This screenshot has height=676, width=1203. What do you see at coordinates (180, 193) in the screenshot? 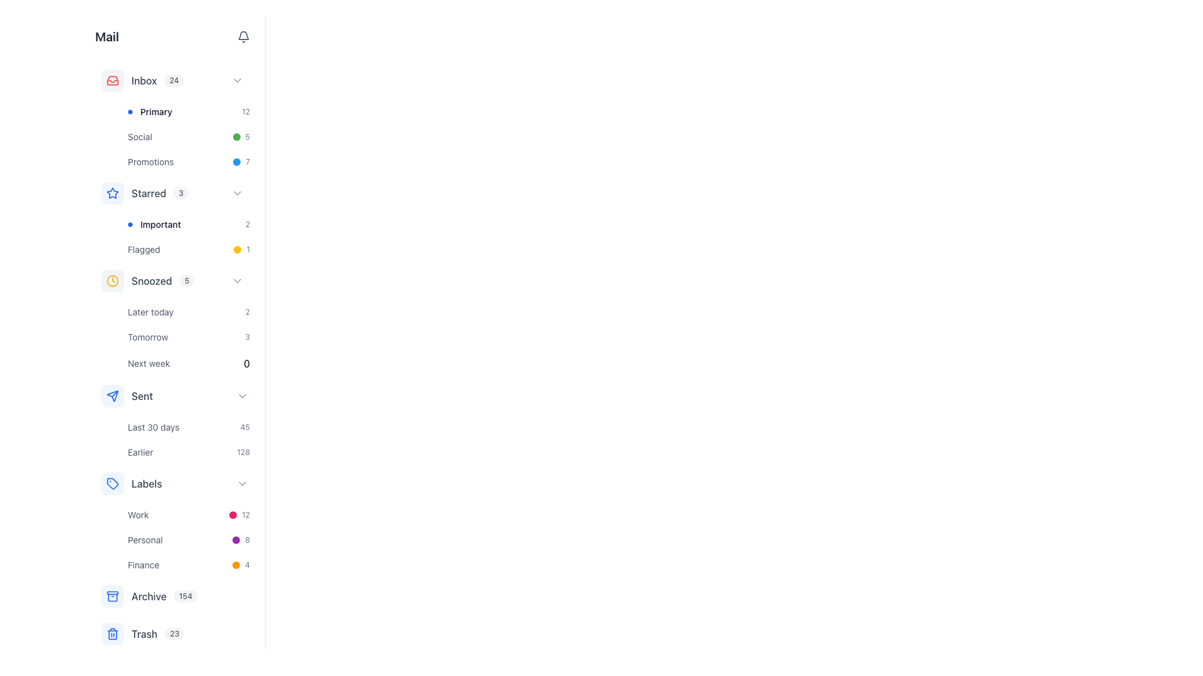
I see `the badge indicating the number of items or status associated with the 'Starred' section, located to the right of the 'Starred' text on the vertical navigation menu` at bounding box center [180, 193].